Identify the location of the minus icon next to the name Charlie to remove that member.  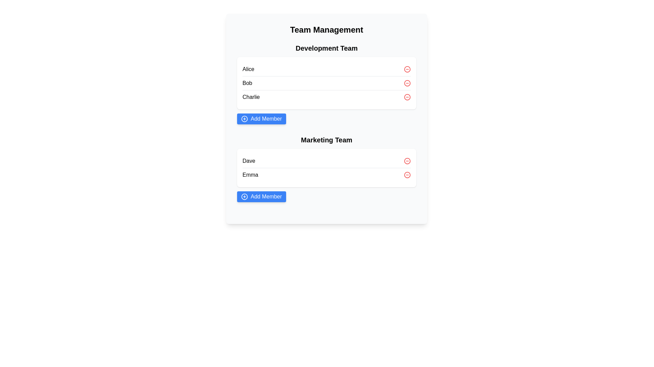
(407, 97).